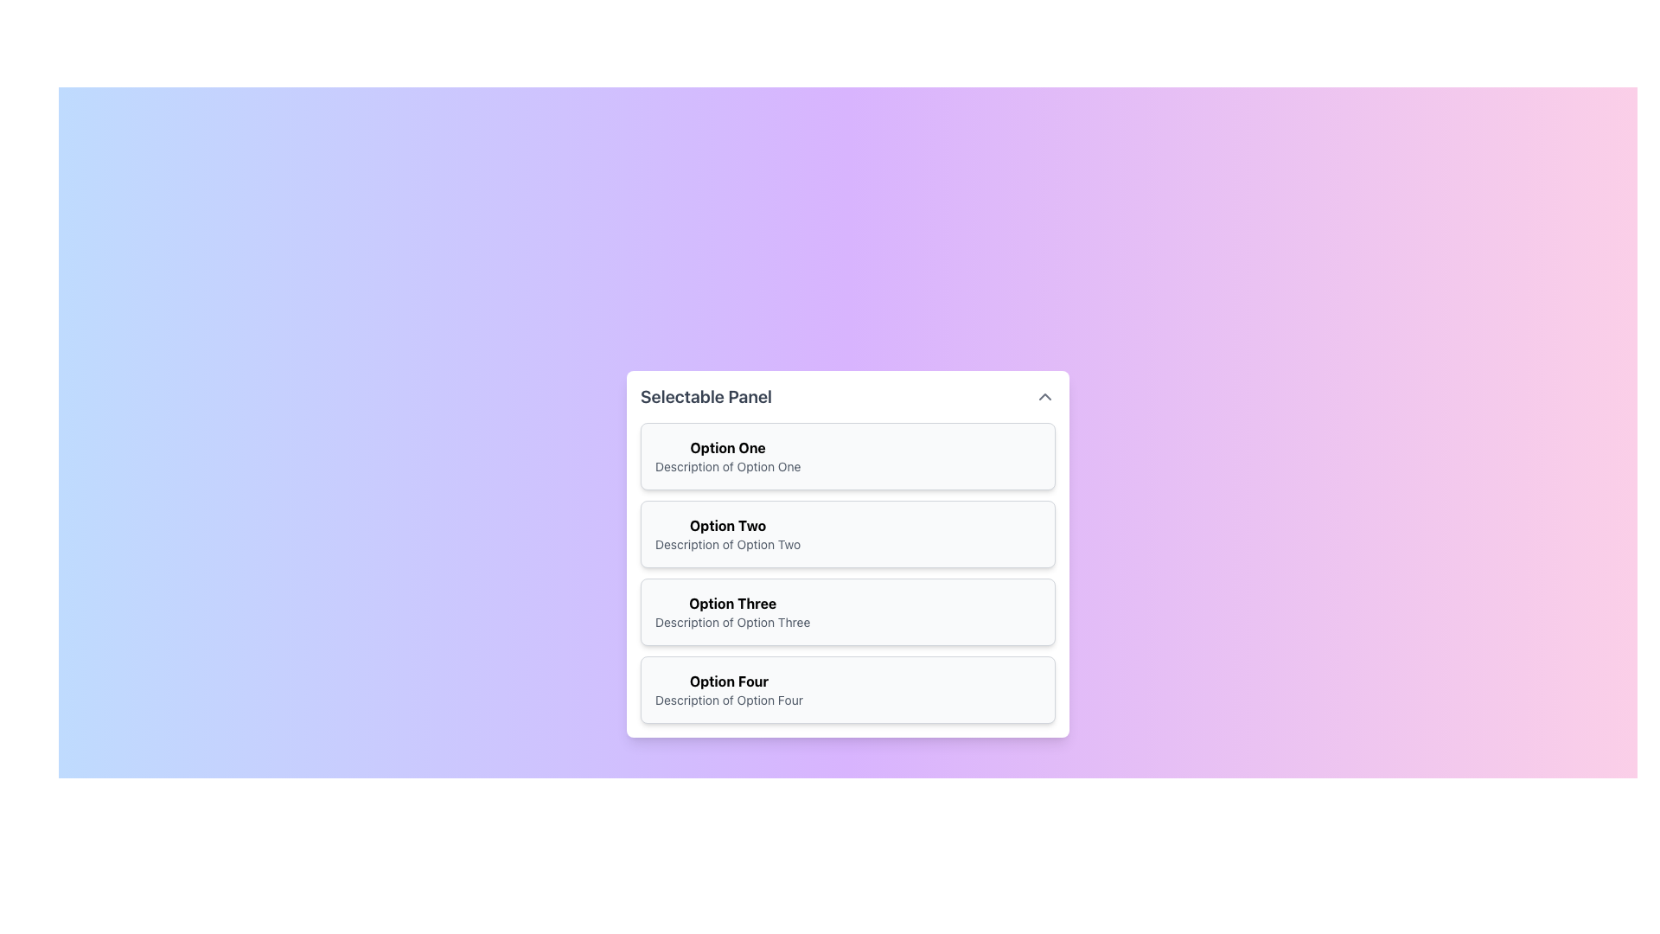 The image size is (1660, 934). I want to click on the second selectable option in the list titled 'Selectable Panel', which is directly below 'Option One' and above 'Option Three', so click(847, 553).